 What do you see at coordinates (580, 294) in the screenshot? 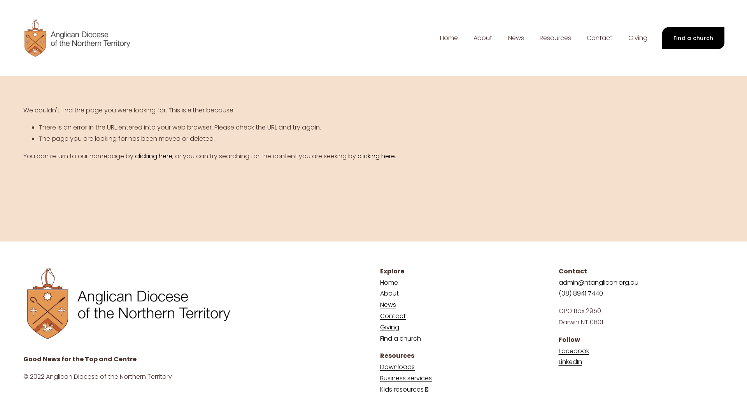
I see `'(08) 8941 7440'` at bounding box center [580, 294].